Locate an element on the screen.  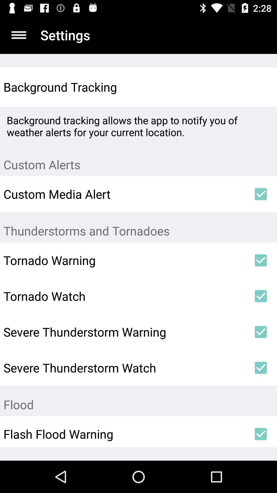
the item above background tracking is located at coordinates (18, 35).